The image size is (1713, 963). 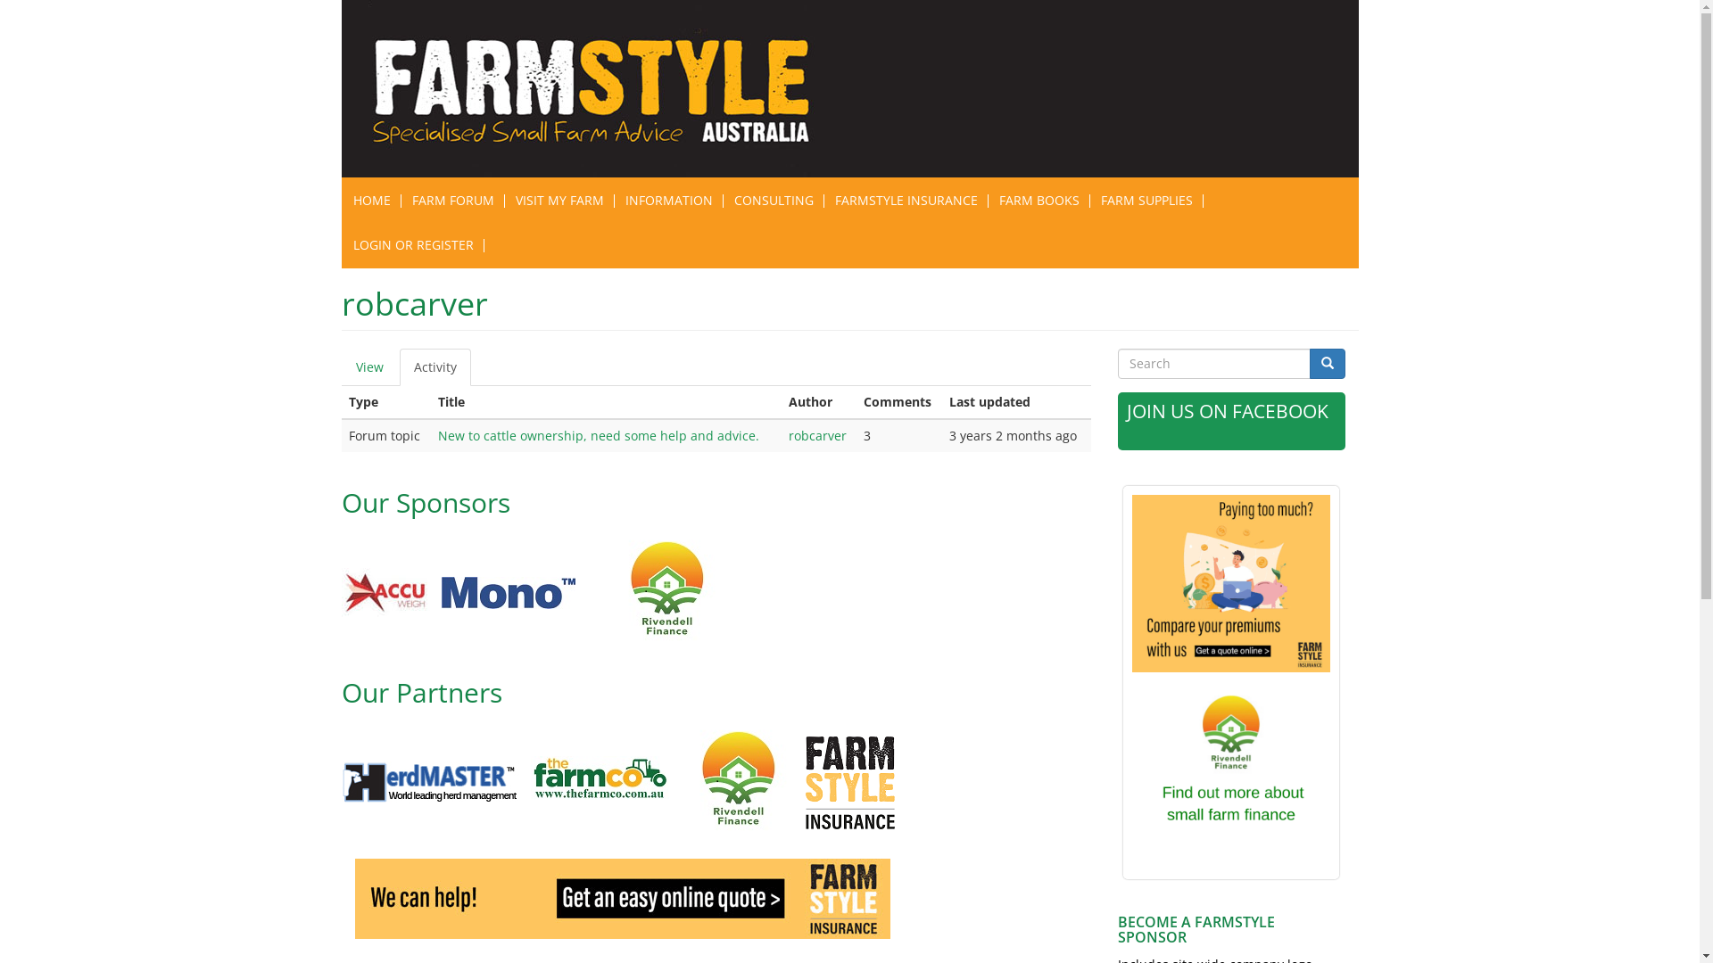 I want to click on 'Activity, so click(x=435, y=366).